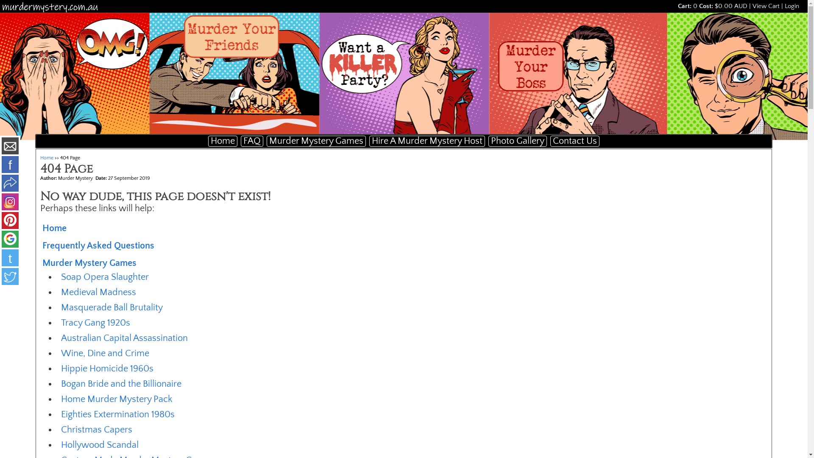  Describe the element at coordinates (98, 292) in the screenshot. I see `'Medieval Madness'` at that location.